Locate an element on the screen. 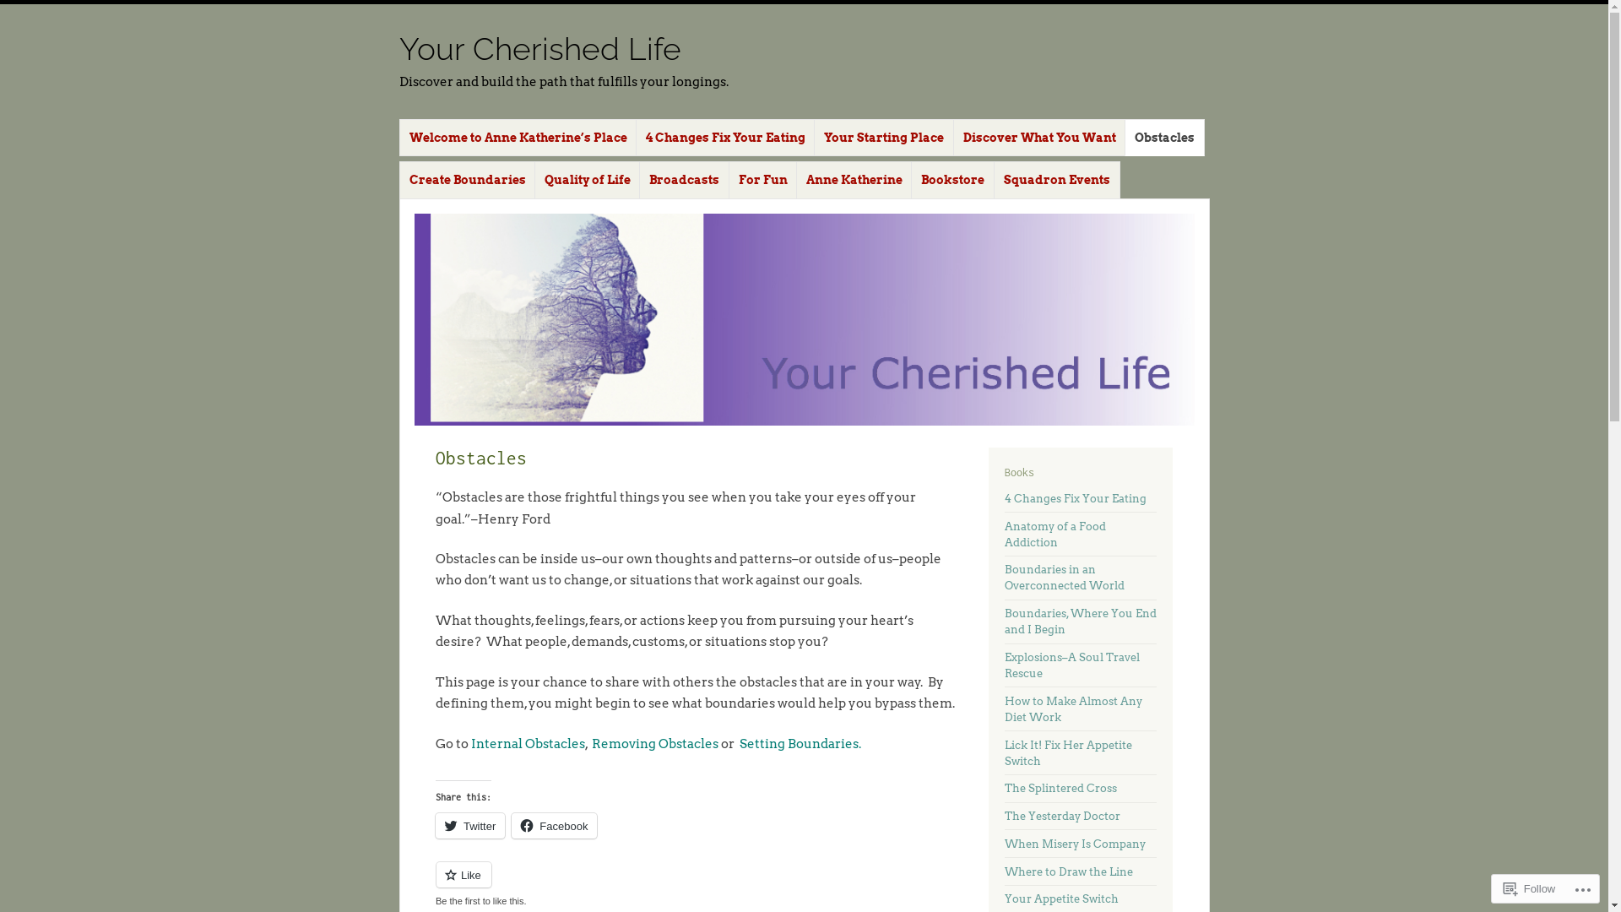  'Anatomy of a Food Addiction' is located at coordinates (1054, 534).